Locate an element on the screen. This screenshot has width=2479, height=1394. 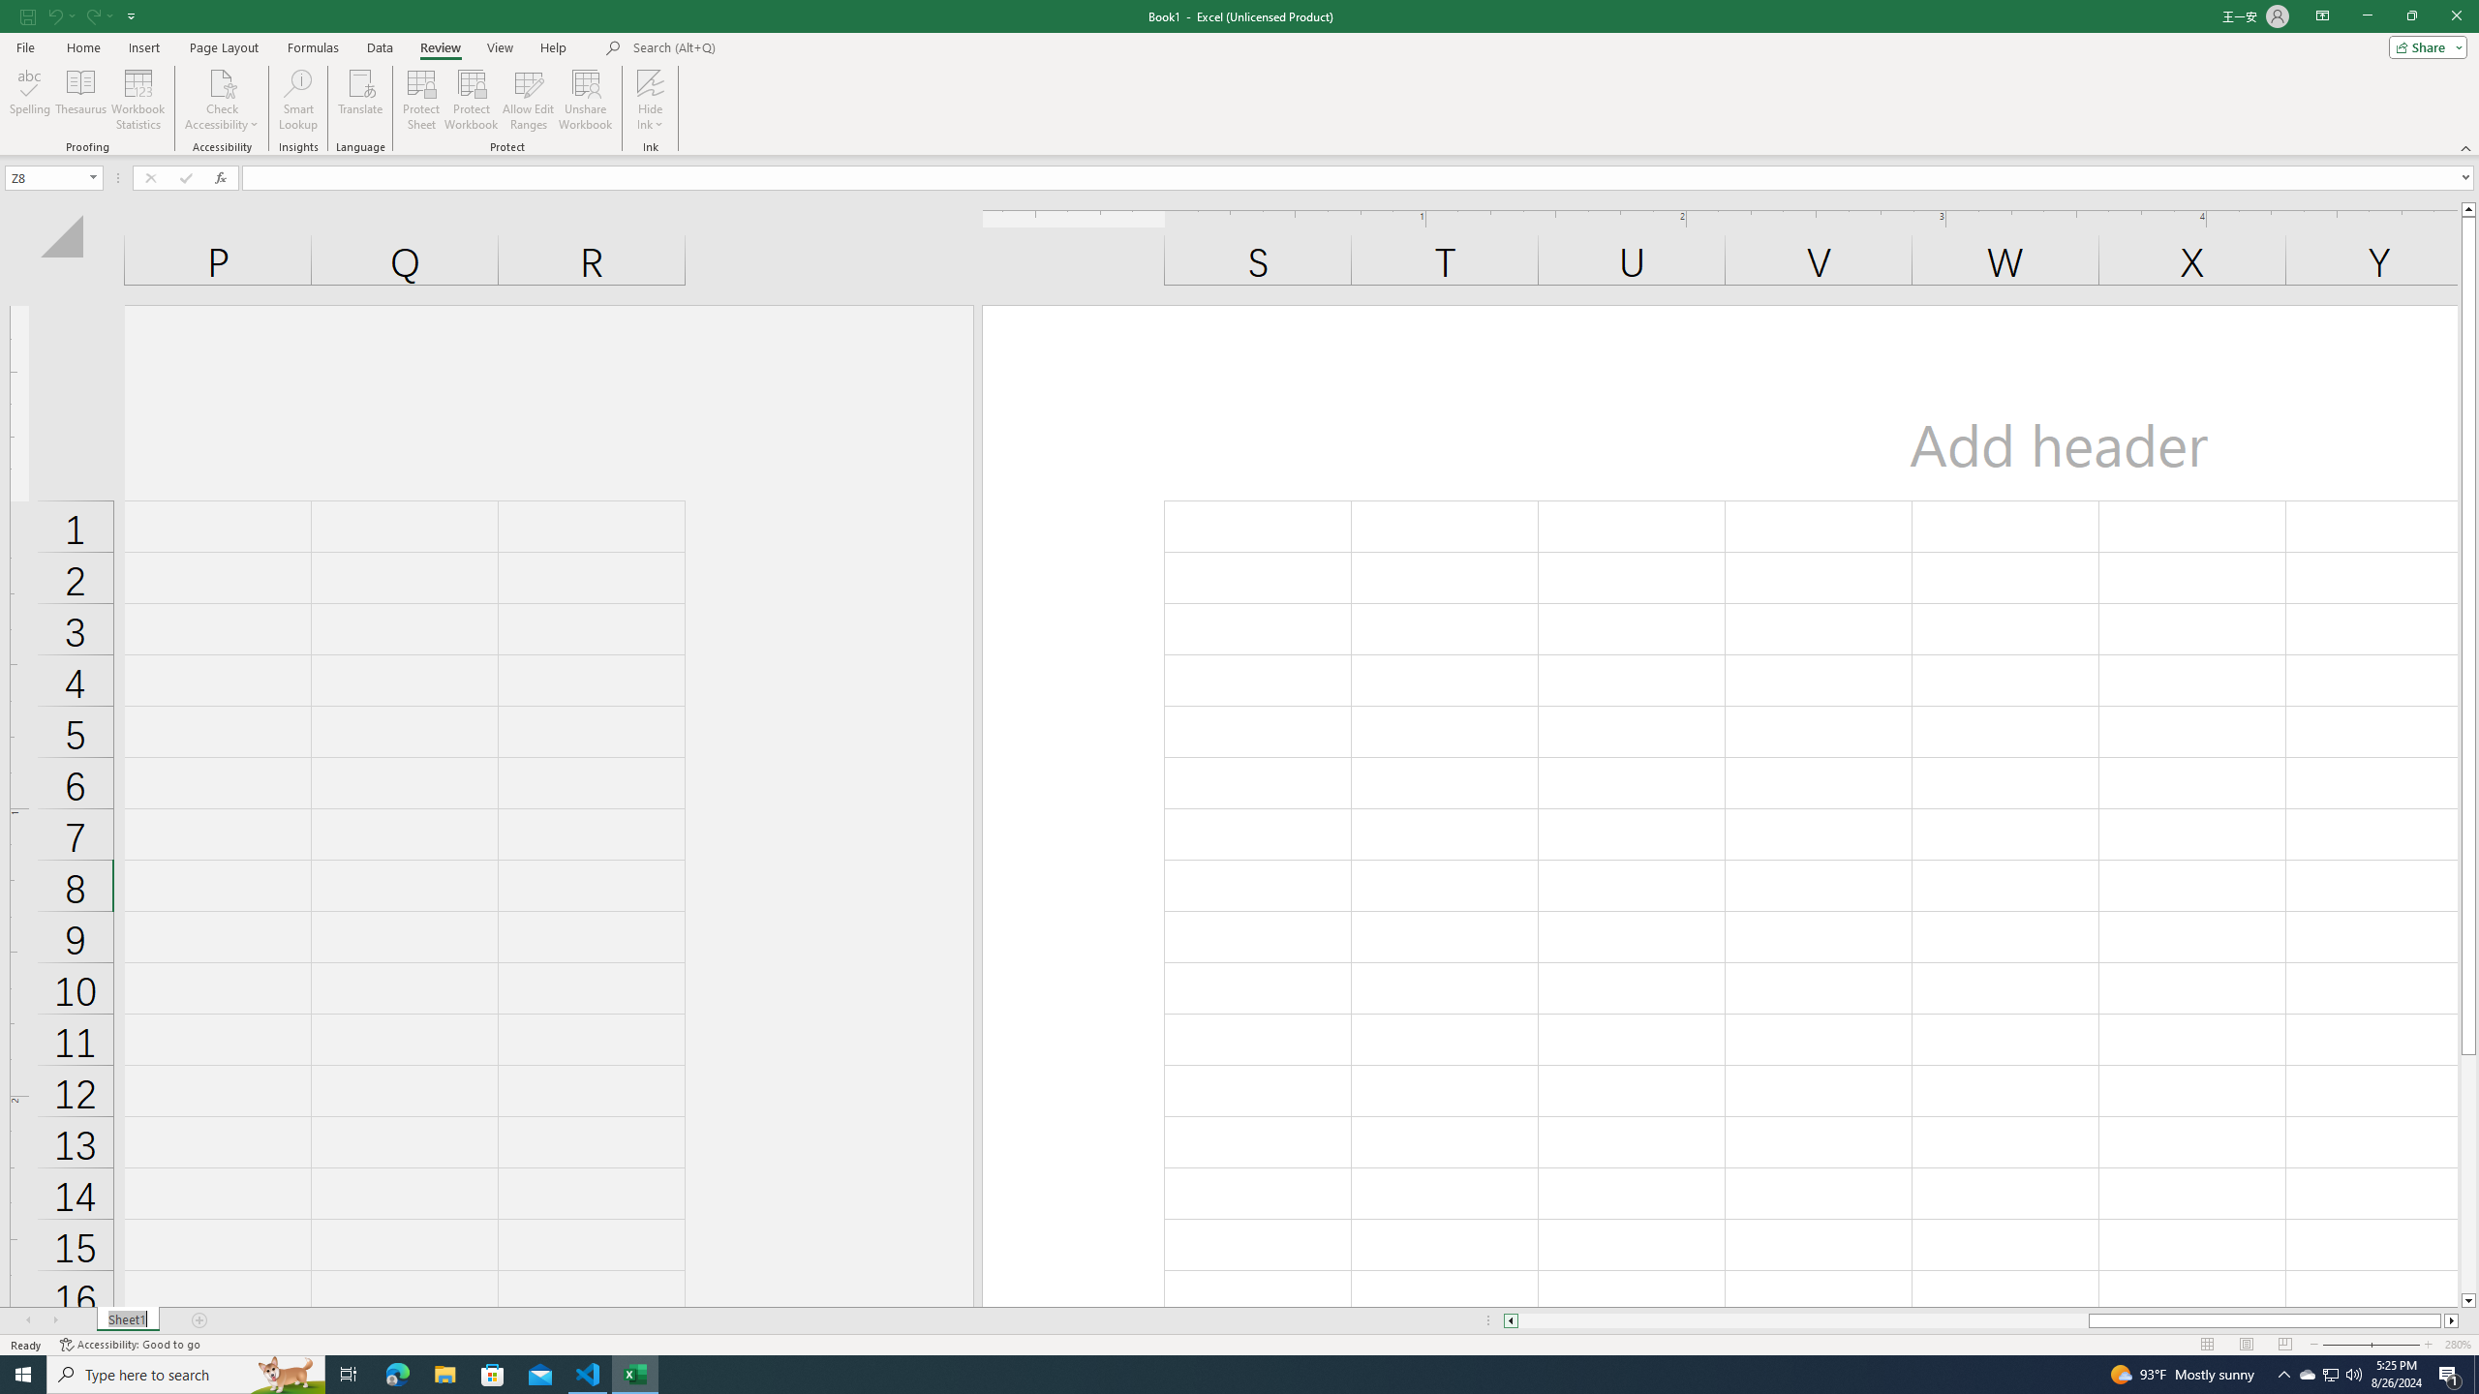
'Unshare Workbook' is located at coordinates (585, 100).